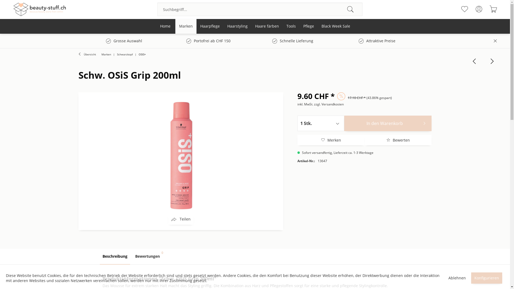  I want to click on 'OSIS+', so click(142, 54).